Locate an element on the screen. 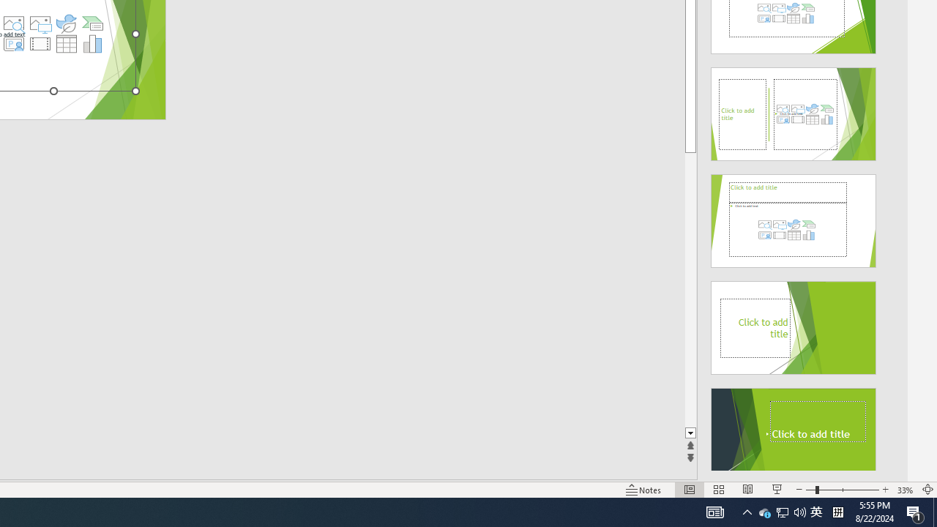 This screenshot has width=937, height=527. 'Stock Images' is located at coordinates (13, 23).